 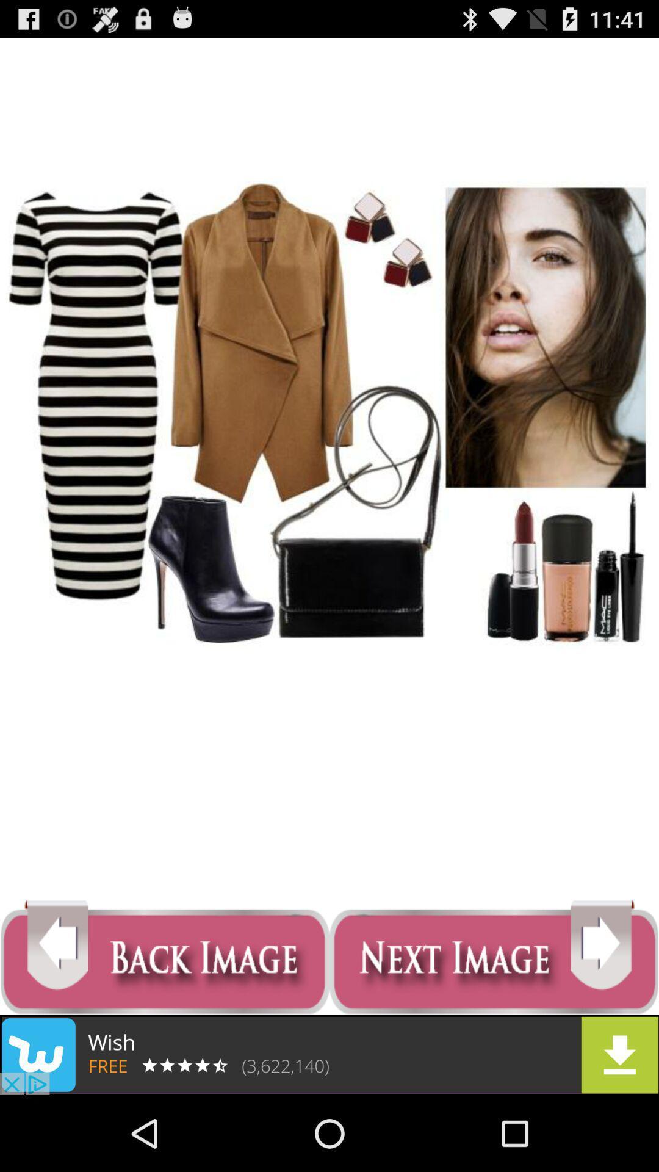 I want to click on next page, so click(x=494, y=957).